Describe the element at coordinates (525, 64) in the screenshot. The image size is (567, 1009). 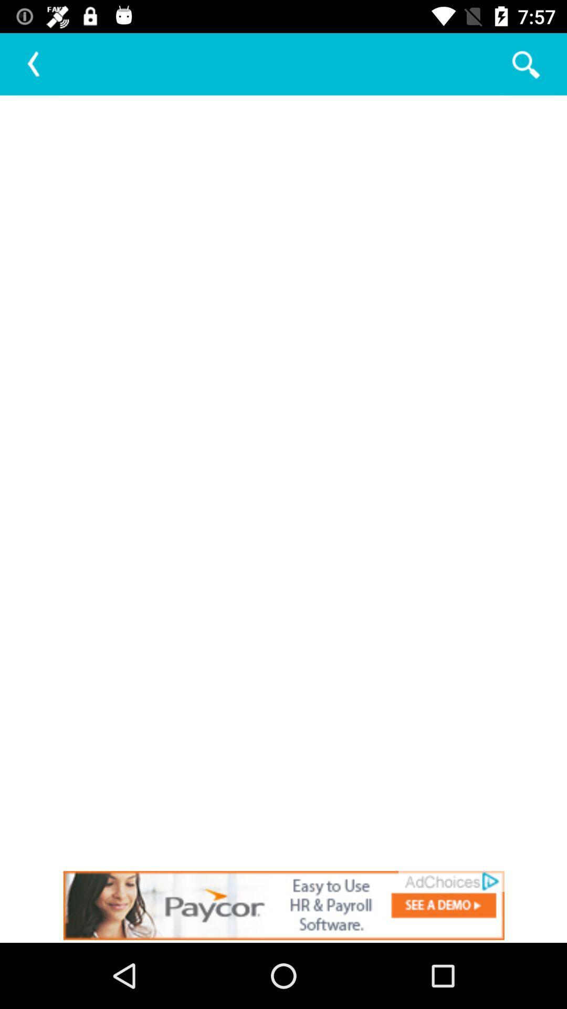
I see `the search icon` at that location.